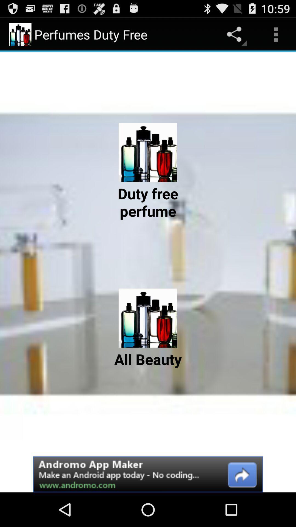 The image size is (296, 527). What do you see at coordinates (148, 474) in the screenshot?
I see `advertisement` at bounding box center [148, 474].